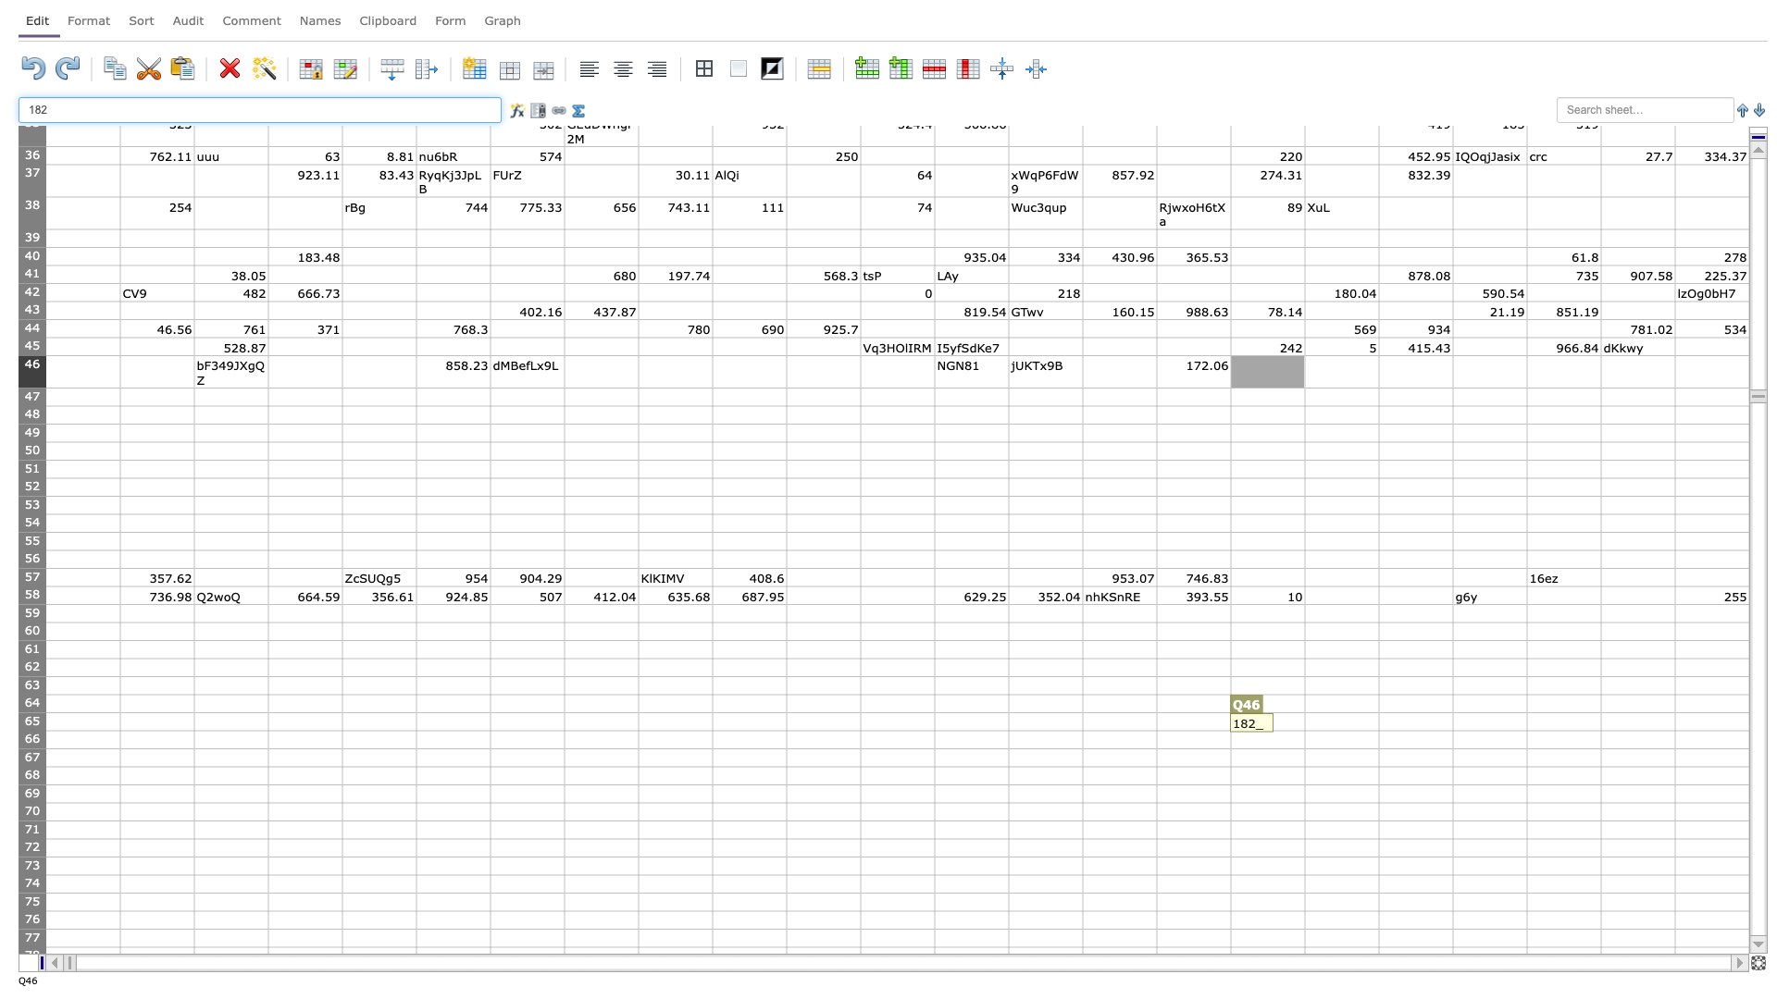  Describe the element at coordinates (1451, 747) in the screenshot. I see `Lower right of S66` at that location.